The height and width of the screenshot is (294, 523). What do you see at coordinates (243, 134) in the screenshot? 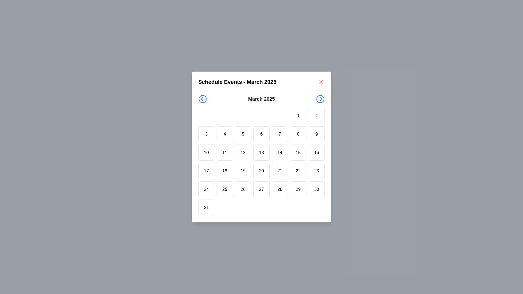
I see `the square button with a rounded border labeled '5' in the calendar widget` at bounding box center [243, 134].